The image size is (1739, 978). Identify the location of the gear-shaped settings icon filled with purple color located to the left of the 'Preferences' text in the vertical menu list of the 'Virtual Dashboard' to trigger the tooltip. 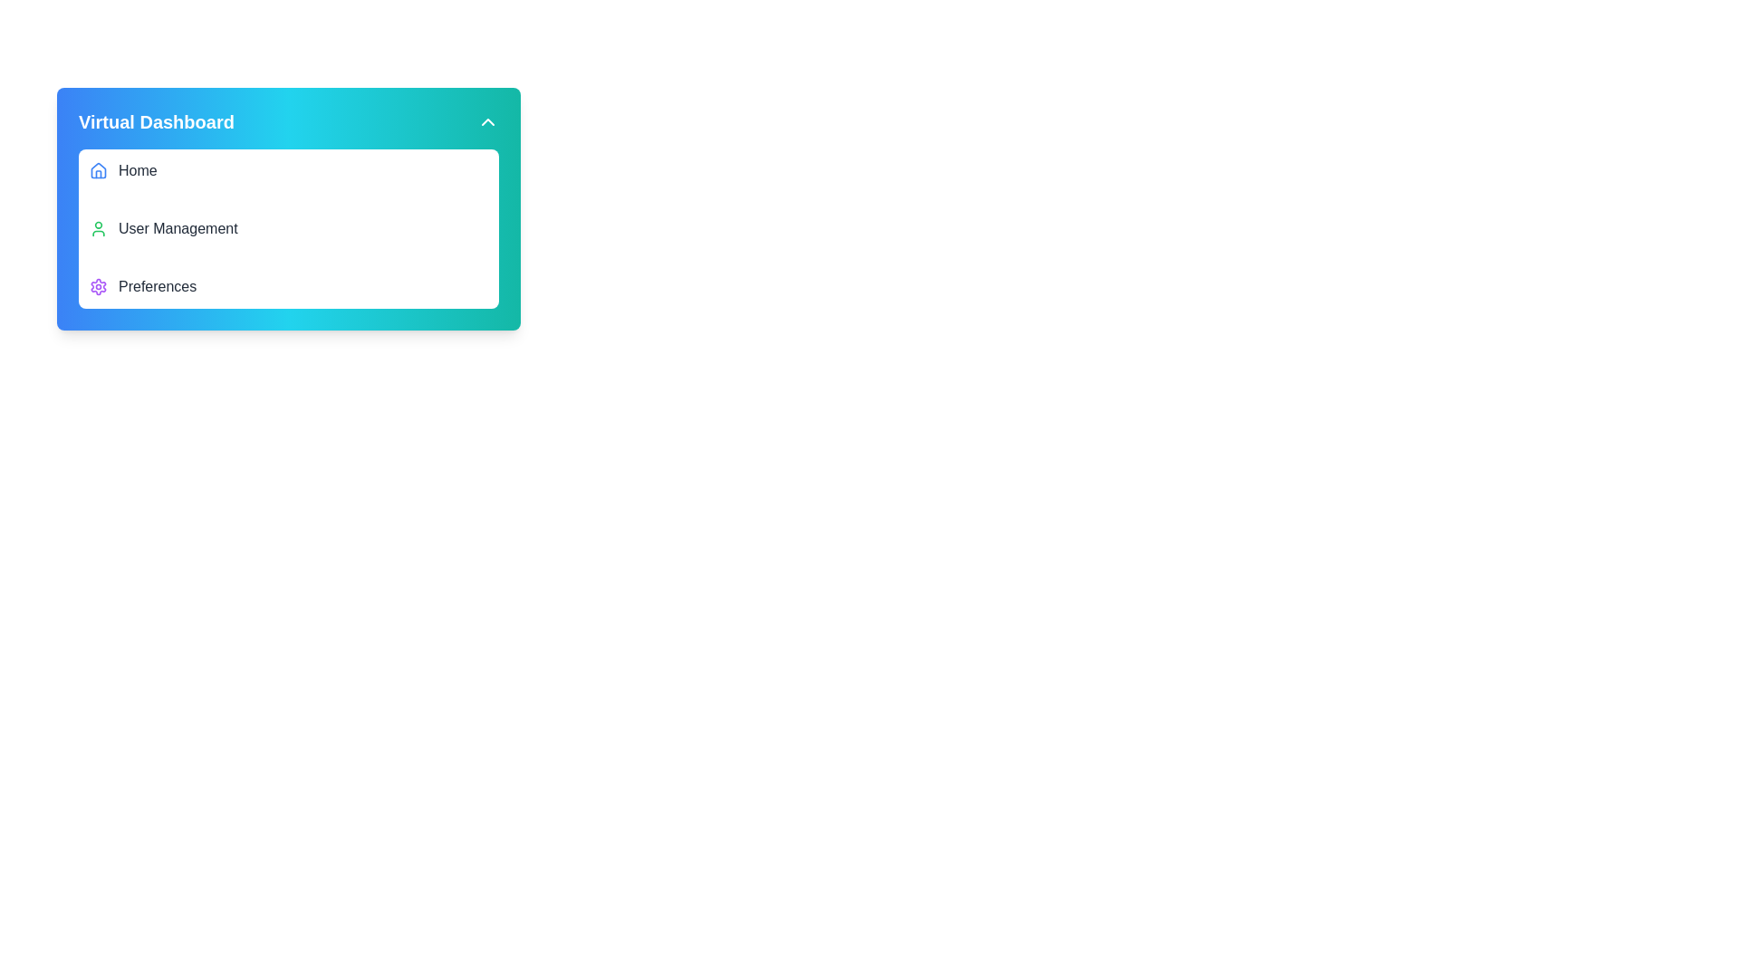
(98, 285).